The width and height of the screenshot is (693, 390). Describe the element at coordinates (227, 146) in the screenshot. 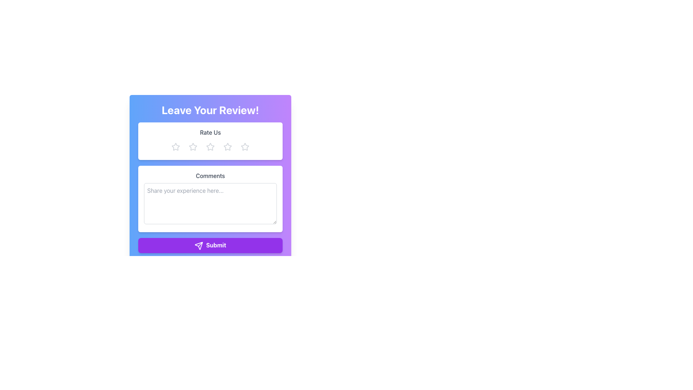

I see `the cursor across the row of stars` at that location.